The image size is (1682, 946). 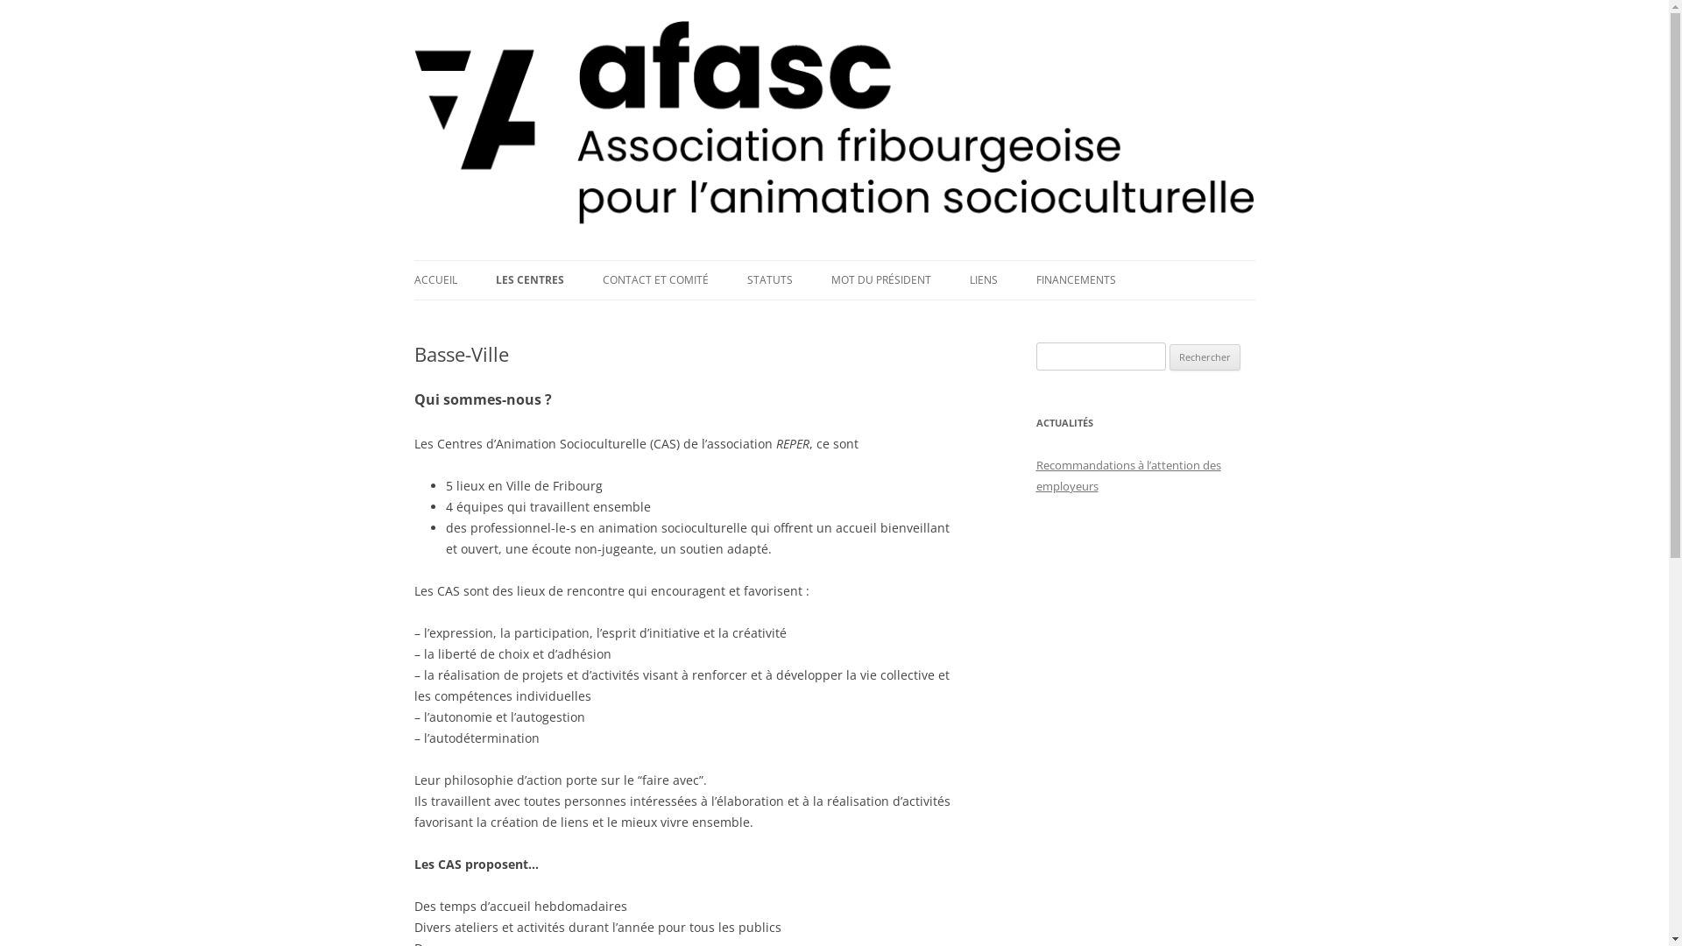 What do you see at coordinates (583, 317) in the screenshot?
I see `'BASSE-VILLE'` at bounding box center [583, 317].